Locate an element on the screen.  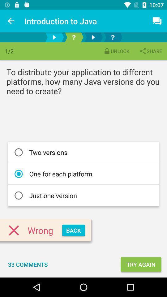
next is located at coordinates (93, 37).